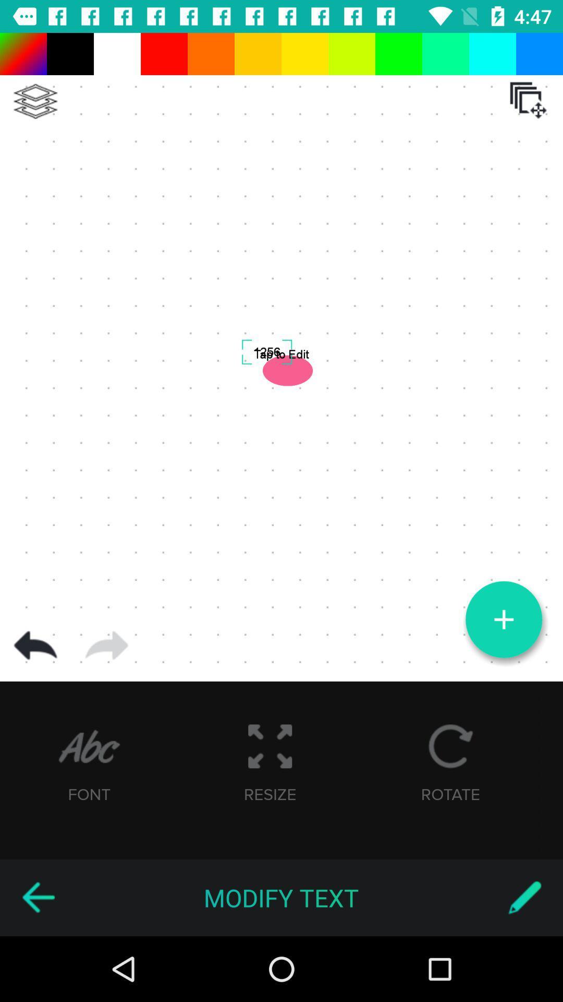 This screenshot has width=563, height=1002. What do you see at coordinates (38, 897) in the screenshot?
I see `icon next to modify text item` at bounding box center [38, 897].